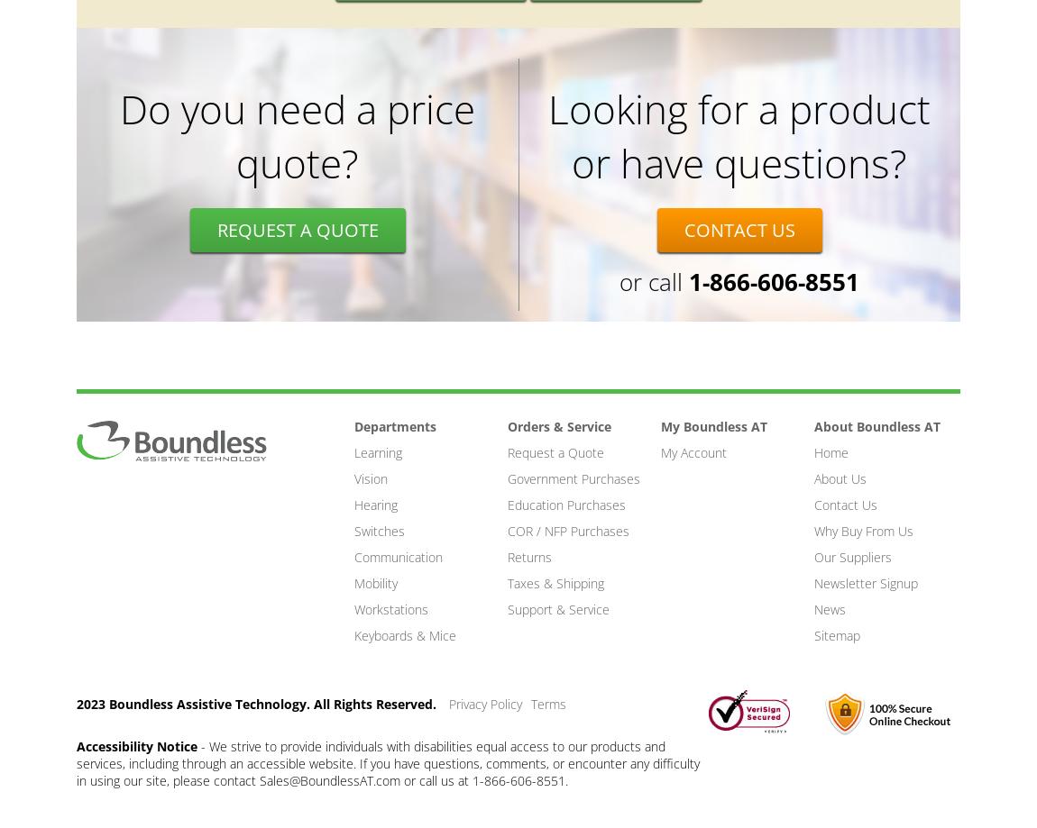  Describe the element at coordinates (840, 478) in the screenshot. I see `'About Us'` at that location.